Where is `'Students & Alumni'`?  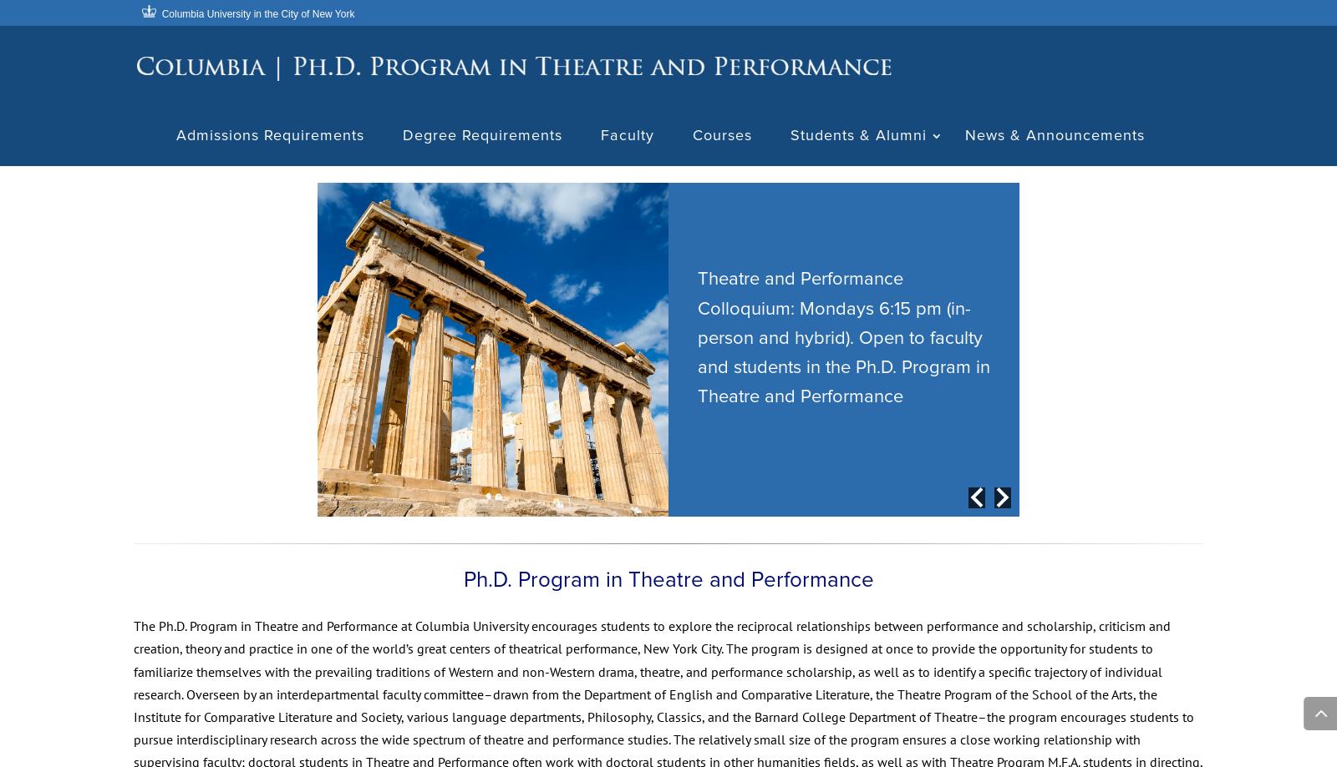 'Students & Alumni' is located at coordinates (859, 139).